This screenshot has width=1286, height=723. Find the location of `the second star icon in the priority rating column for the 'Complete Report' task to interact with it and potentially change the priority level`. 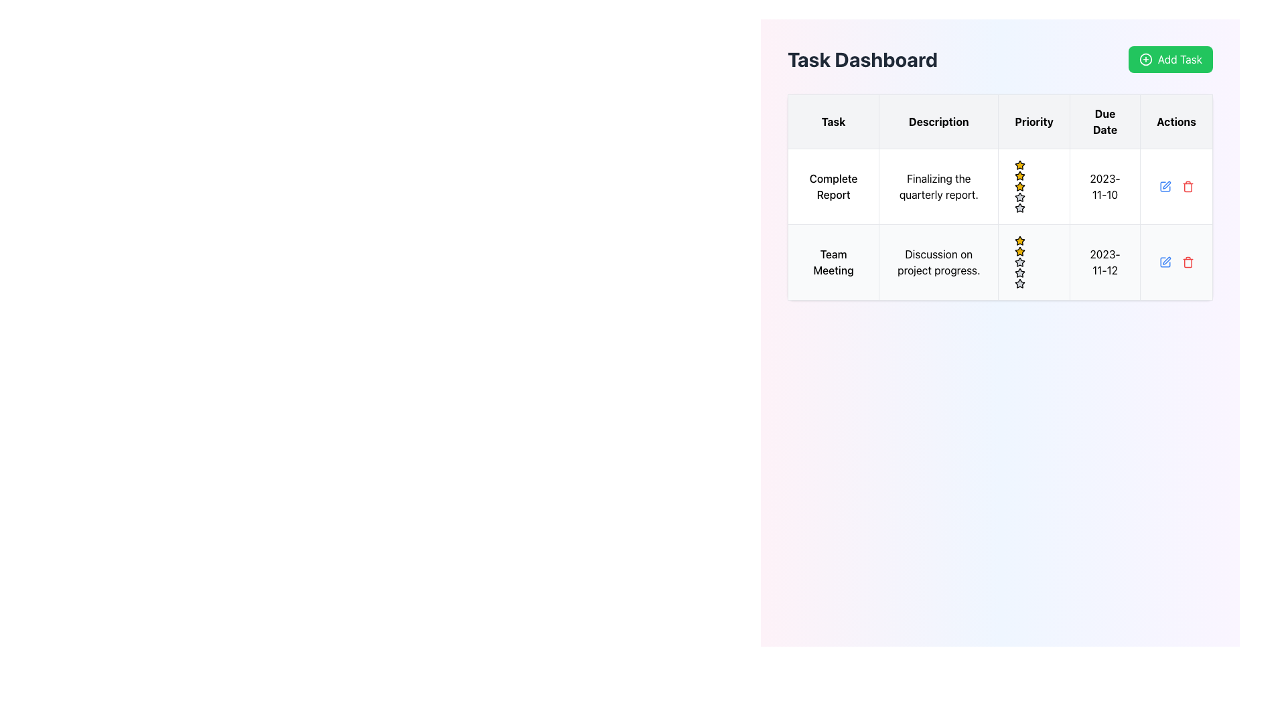

the second star icon in the priority rating column for the 'Complete Report' task to interact with it and potentially change the priority level is located at coordinates (1019, 186).